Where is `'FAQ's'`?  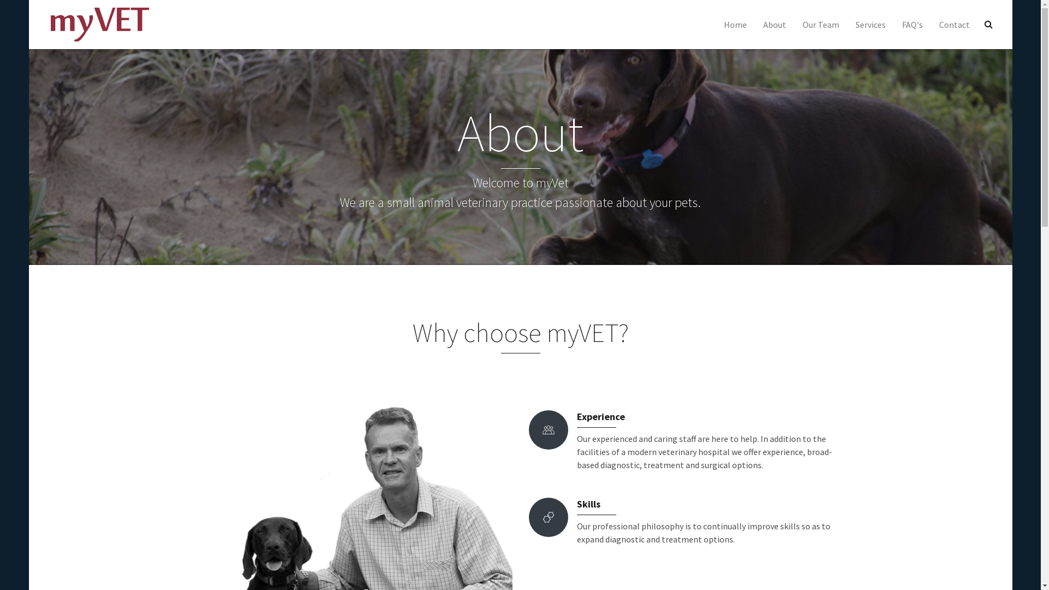
'FAQ's' is located at coordinates (894, 25).